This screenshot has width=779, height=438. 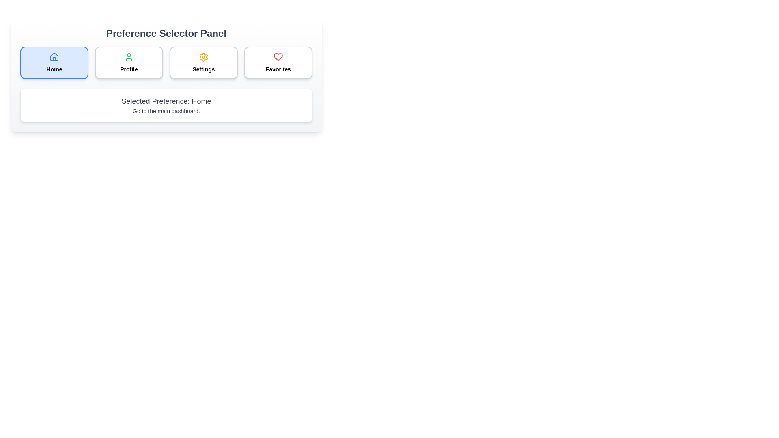 What do you see at coordinates (204, 69) in the screenshot?
I see `the 'Settings' text label, which is the third label in a row of four options, located below the gear icon` at bounding box center [204, 69].